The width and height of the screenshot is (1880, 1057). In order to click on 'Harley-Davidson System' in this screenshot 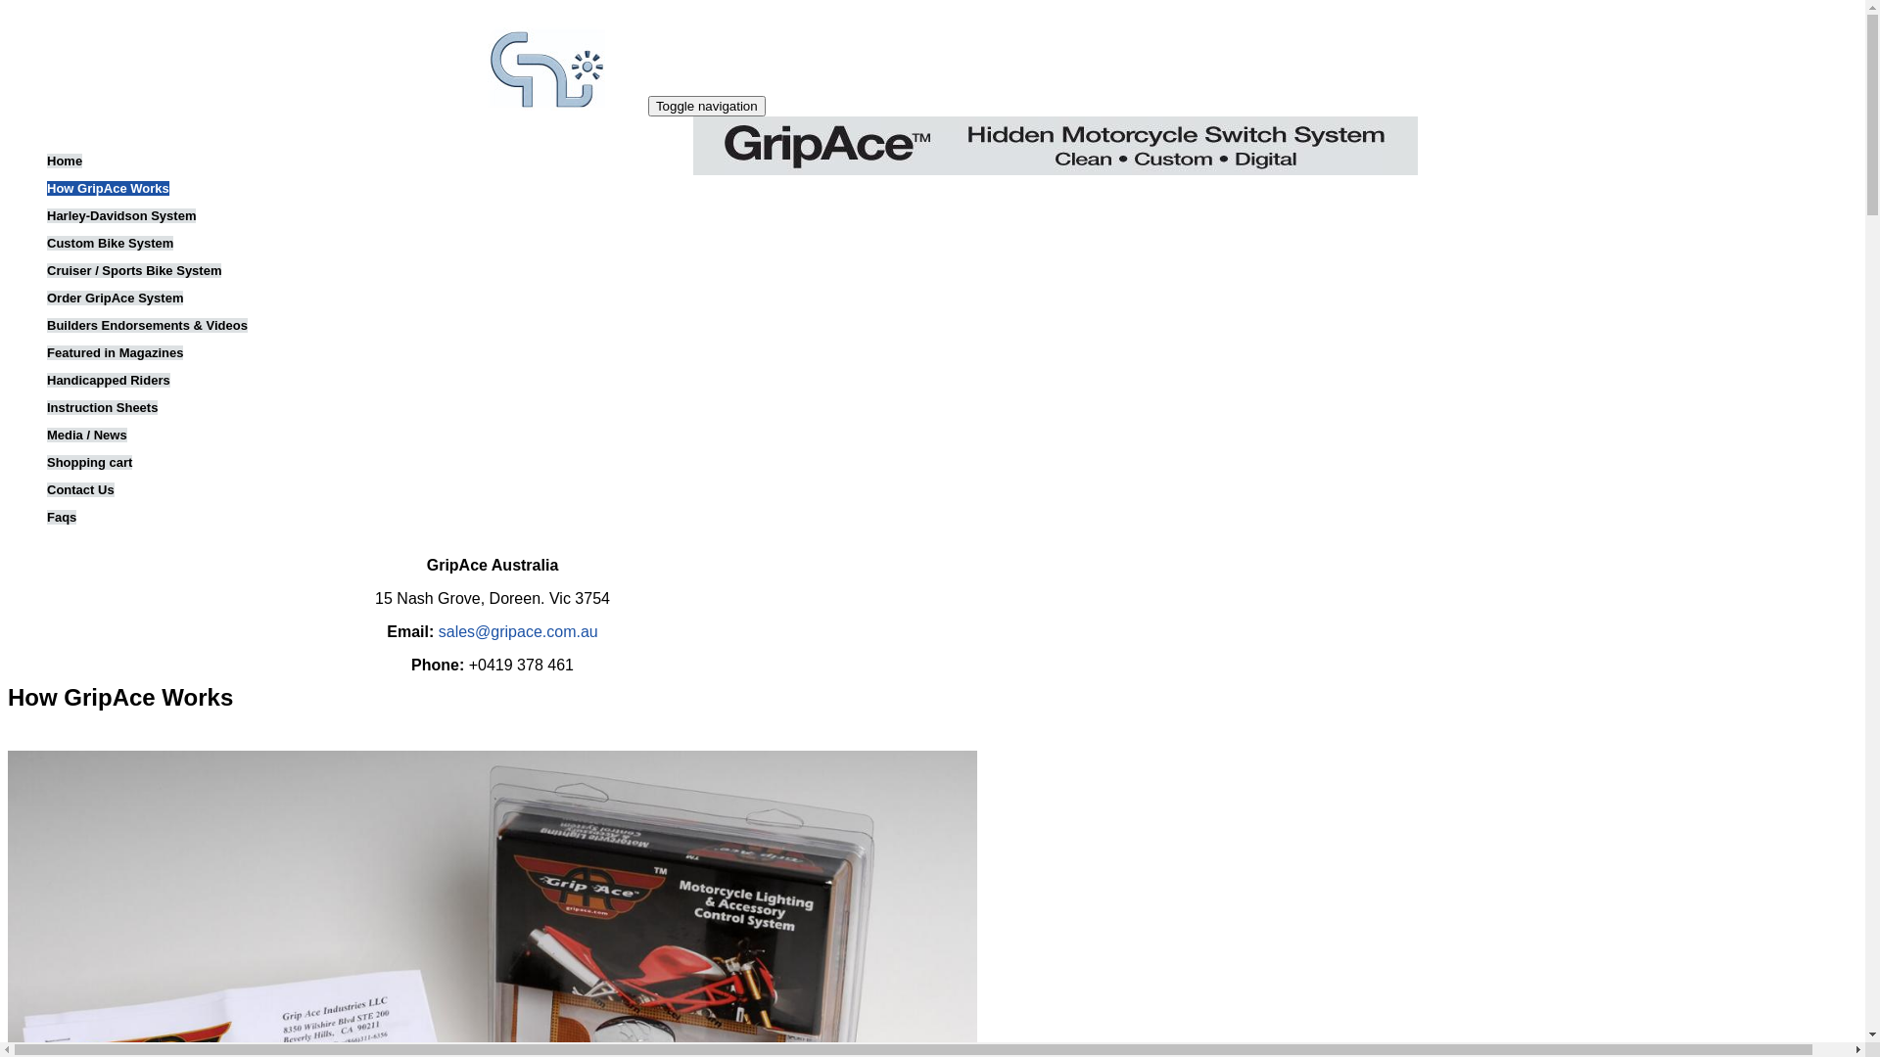, I will do `click(120, 215)`.